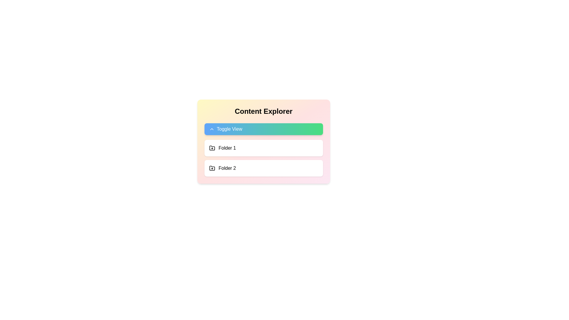 This screenshot has height=320, width=569. Describe the element at coordinates (212, 168) in the screenshot. I see `the folder icon positioned to the left of the label 'Folder 2' in the second row of the content explorer section for information` at that location.